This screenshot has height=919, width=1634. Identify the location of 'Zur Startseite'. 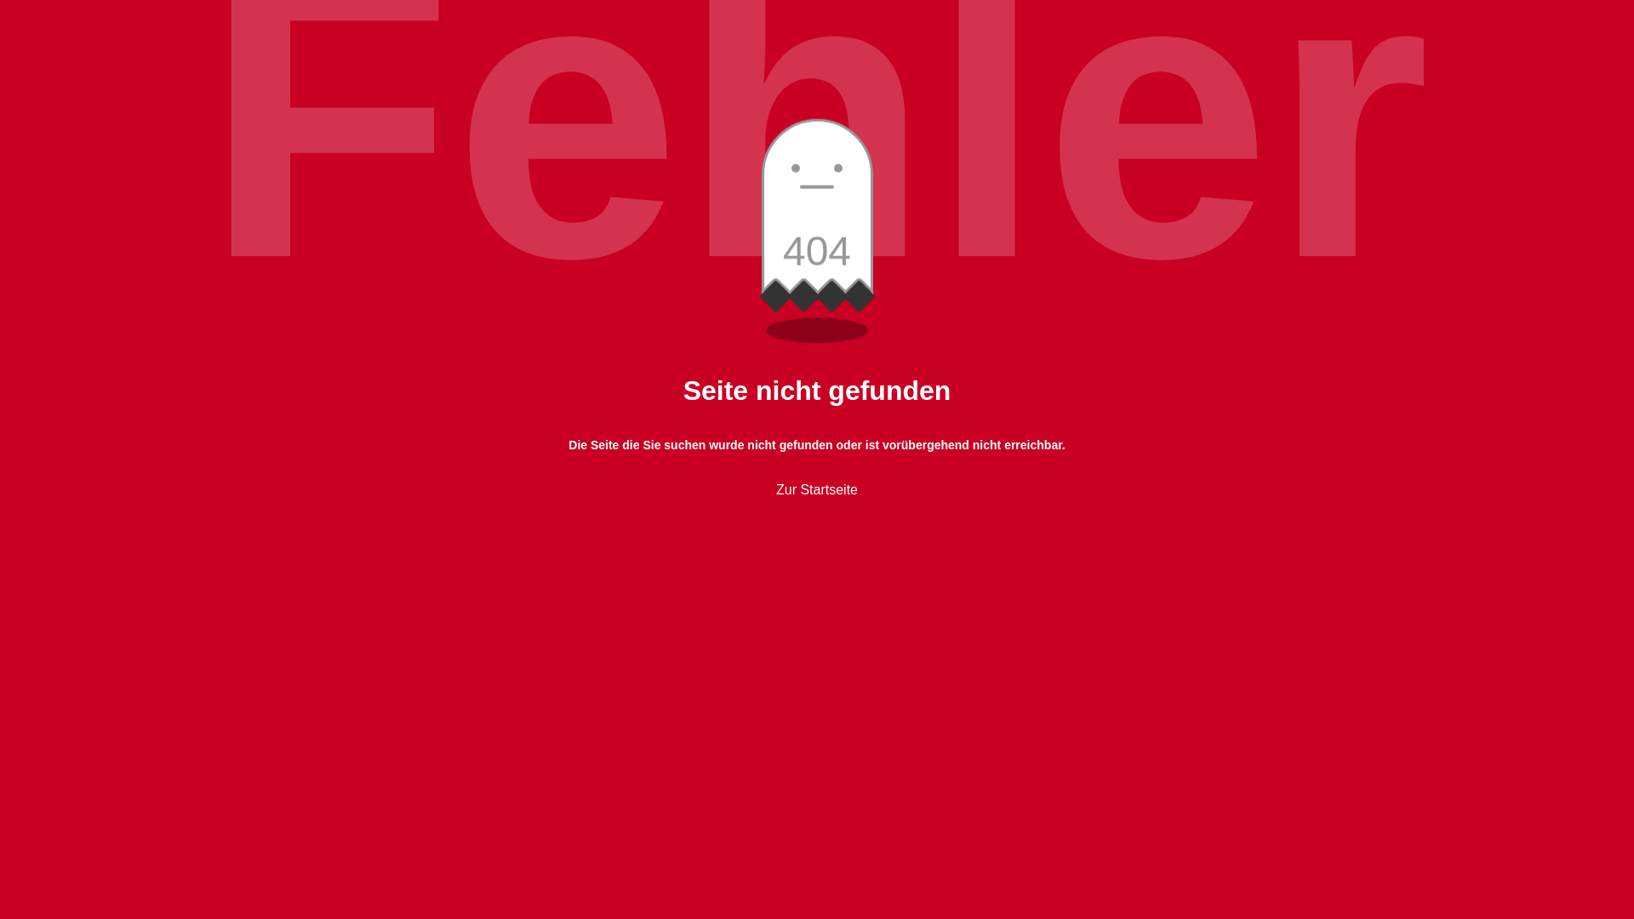
(817, 489).